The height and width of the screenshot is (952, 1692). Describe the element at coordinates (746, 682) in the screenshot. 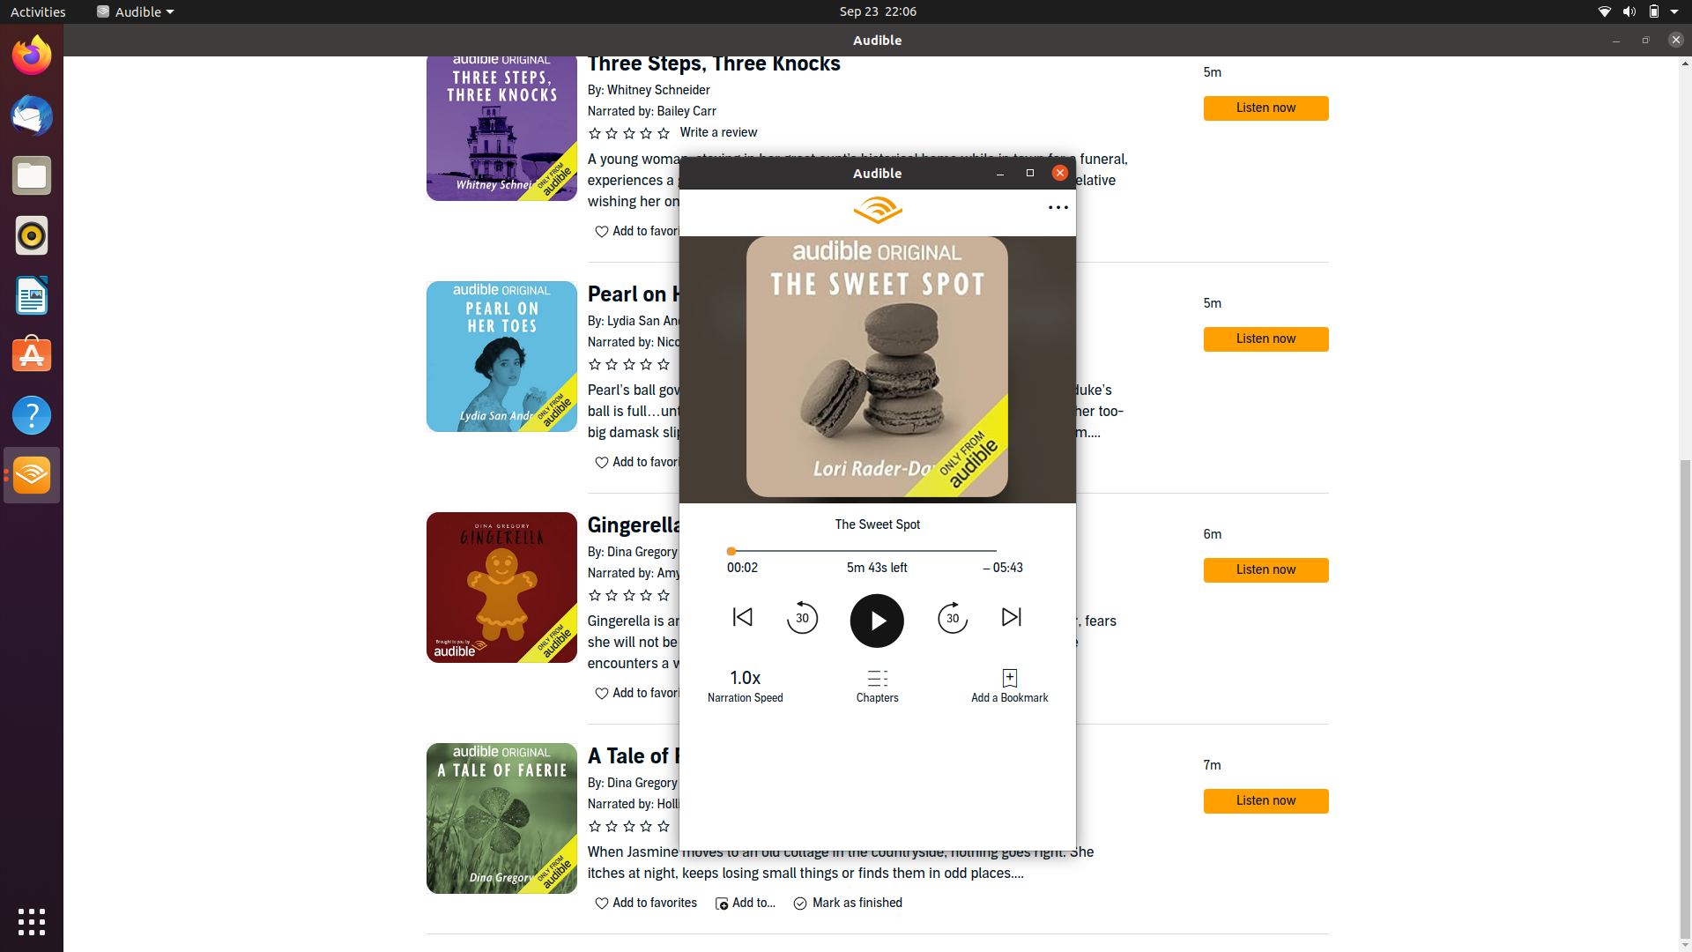

I see `Adjust the narration speed to the following level` at that location.